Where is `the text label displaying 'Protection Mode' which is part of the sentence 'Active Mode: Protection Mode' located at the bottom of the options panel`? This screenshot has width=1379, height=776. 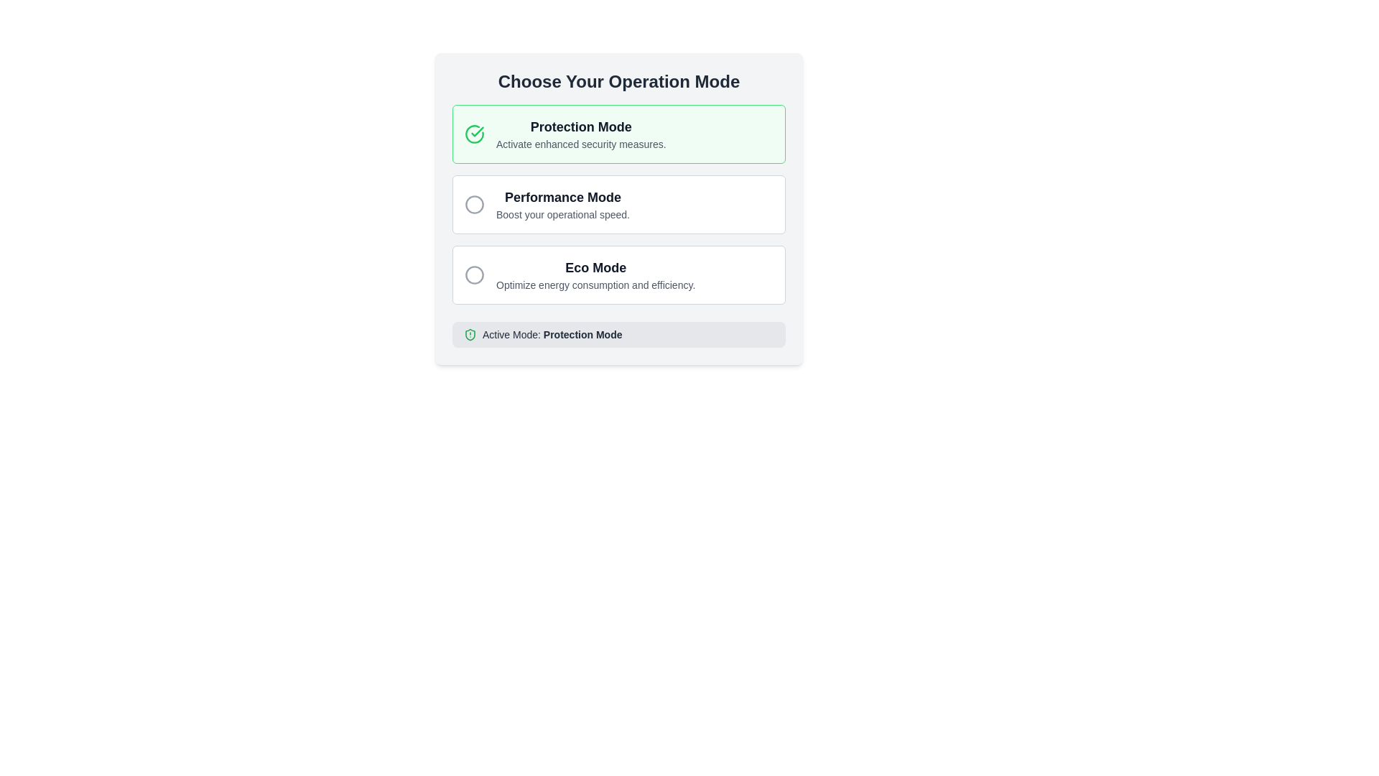
the text label displaying 'Protection Mode' which is part of the sentence 'Active Mode: Protection Mode' located at the bottom of the options panel is located at coordinates (582, 335).